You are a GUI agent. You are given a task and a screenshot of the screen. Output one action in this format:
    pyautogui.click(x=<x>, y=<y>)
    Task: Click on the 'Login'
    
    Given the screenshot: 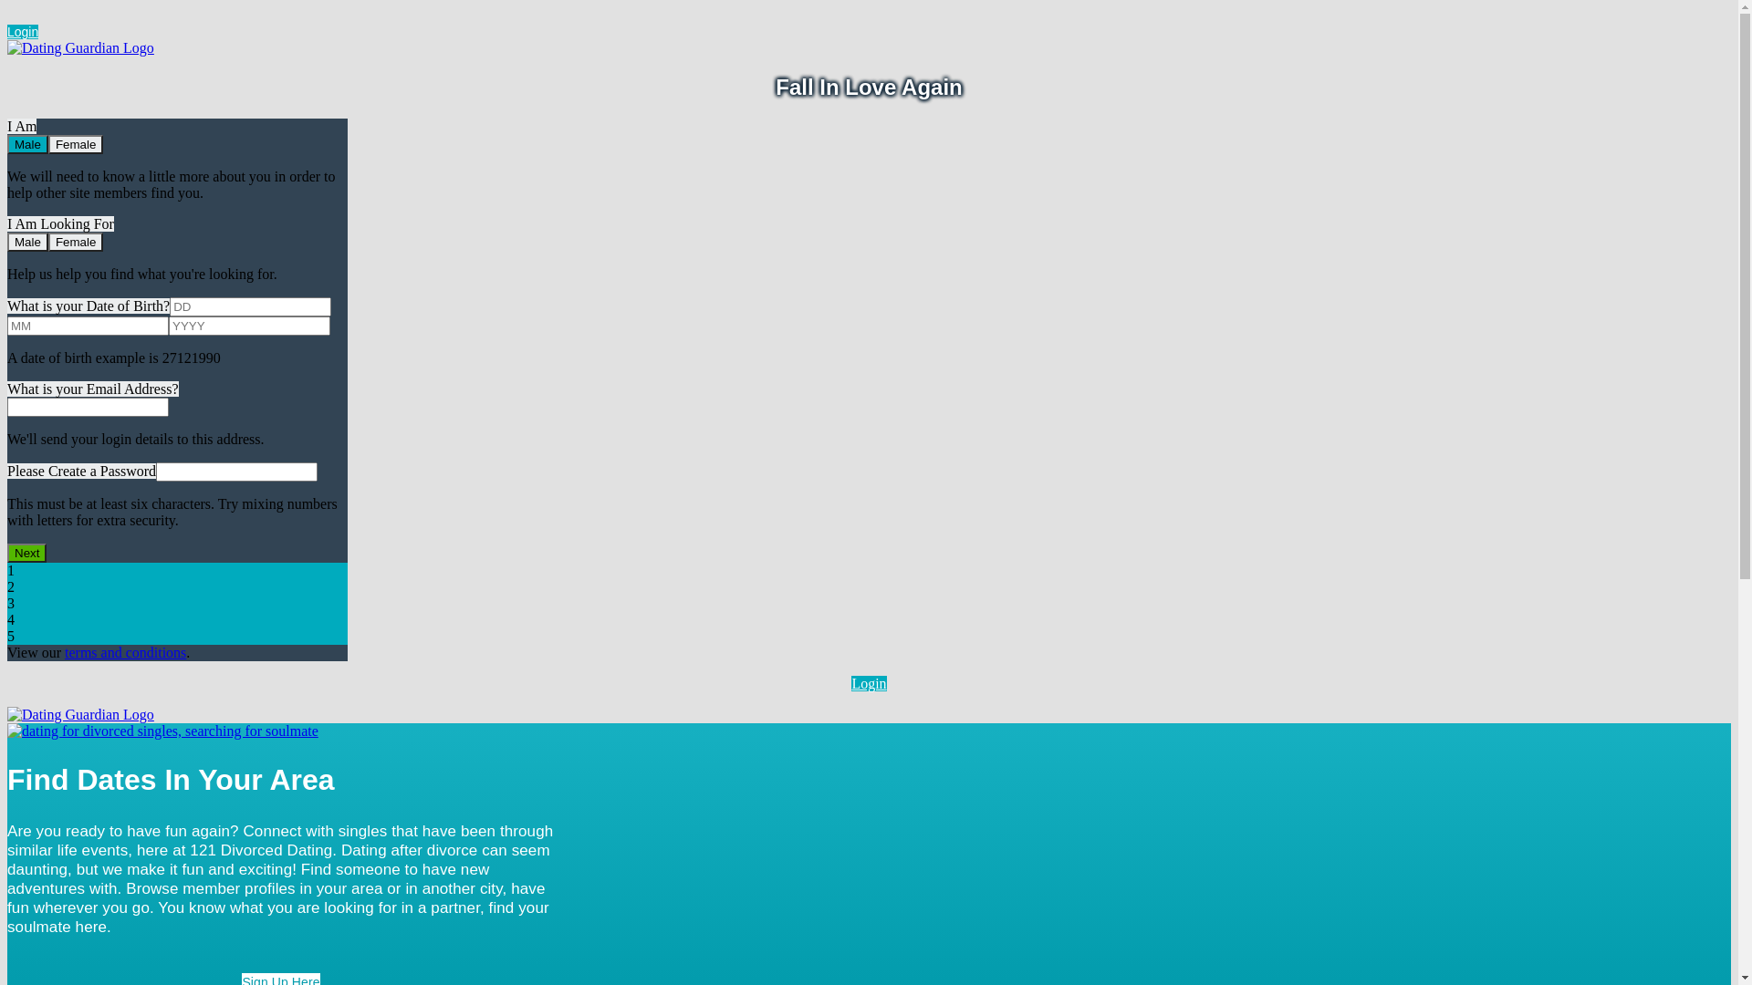 What is the action you would take?
    pyautogui.click(x=867, y=683)
    